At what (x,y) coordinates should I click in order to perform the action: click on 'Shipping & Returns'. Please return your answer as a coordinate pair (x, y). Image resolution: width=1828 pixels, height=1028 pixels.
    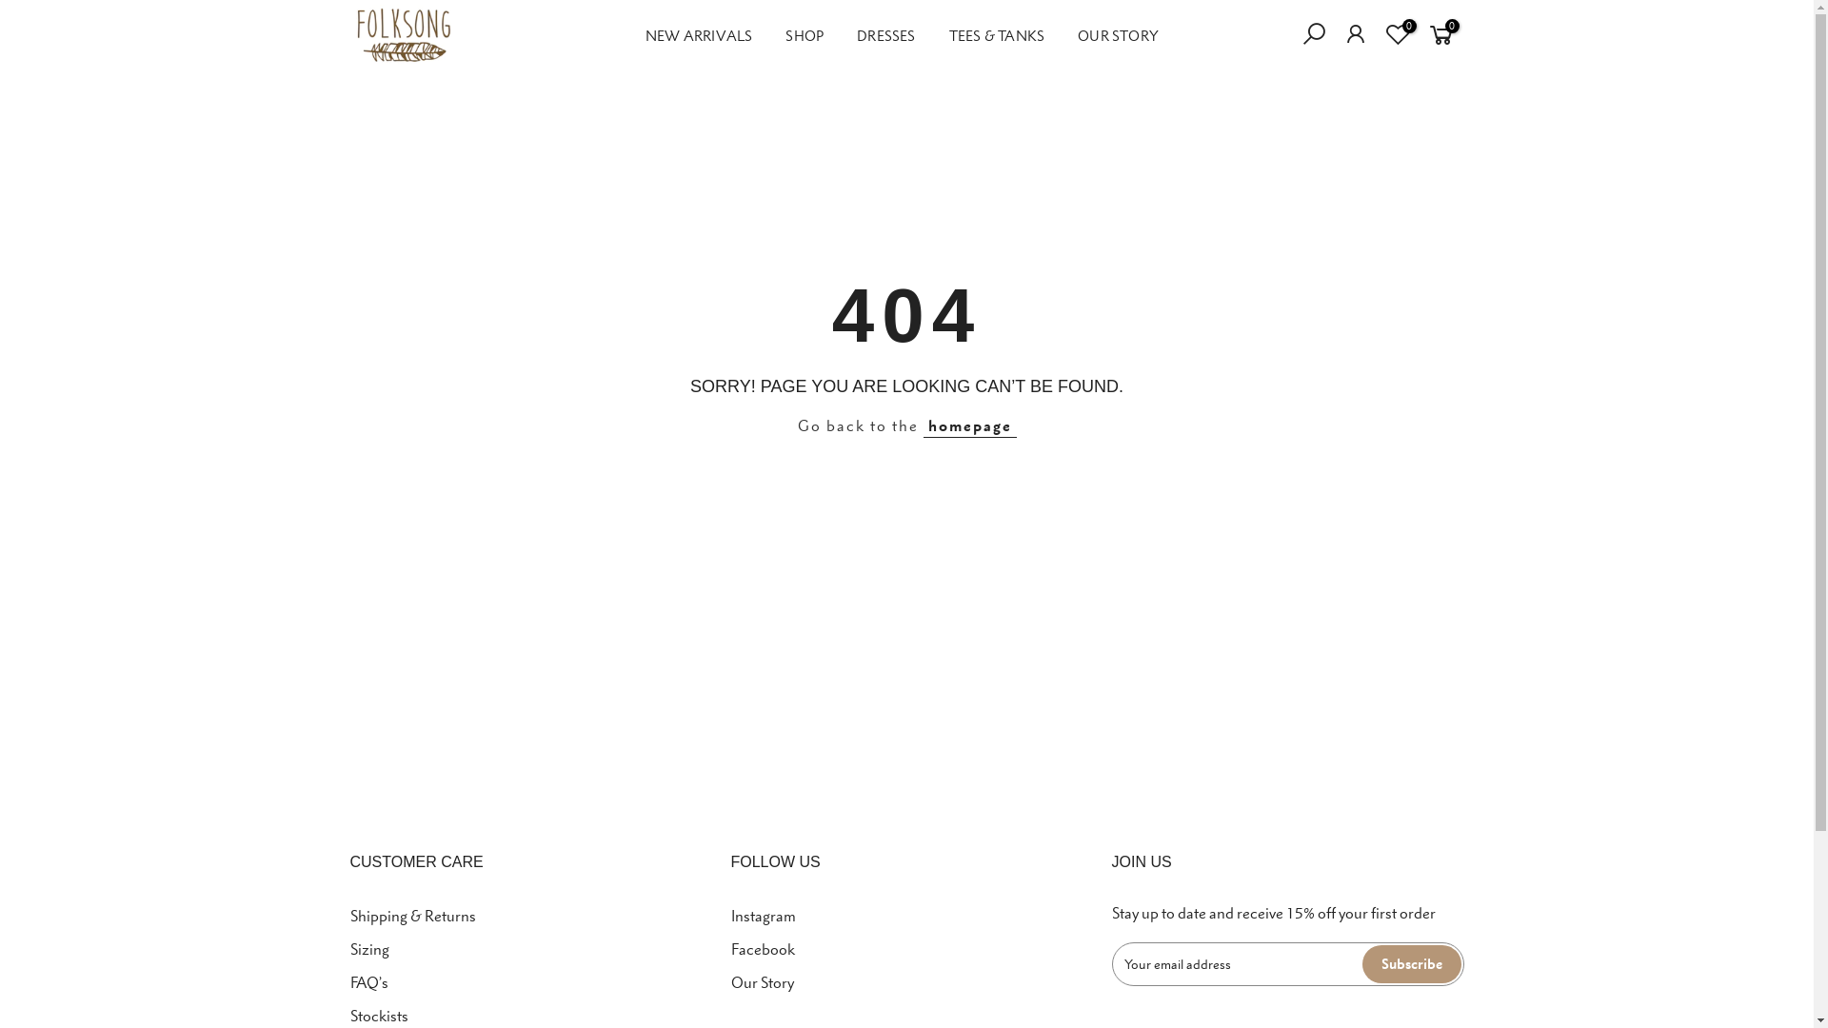
    Looking at the image, I should click on (350, 914).